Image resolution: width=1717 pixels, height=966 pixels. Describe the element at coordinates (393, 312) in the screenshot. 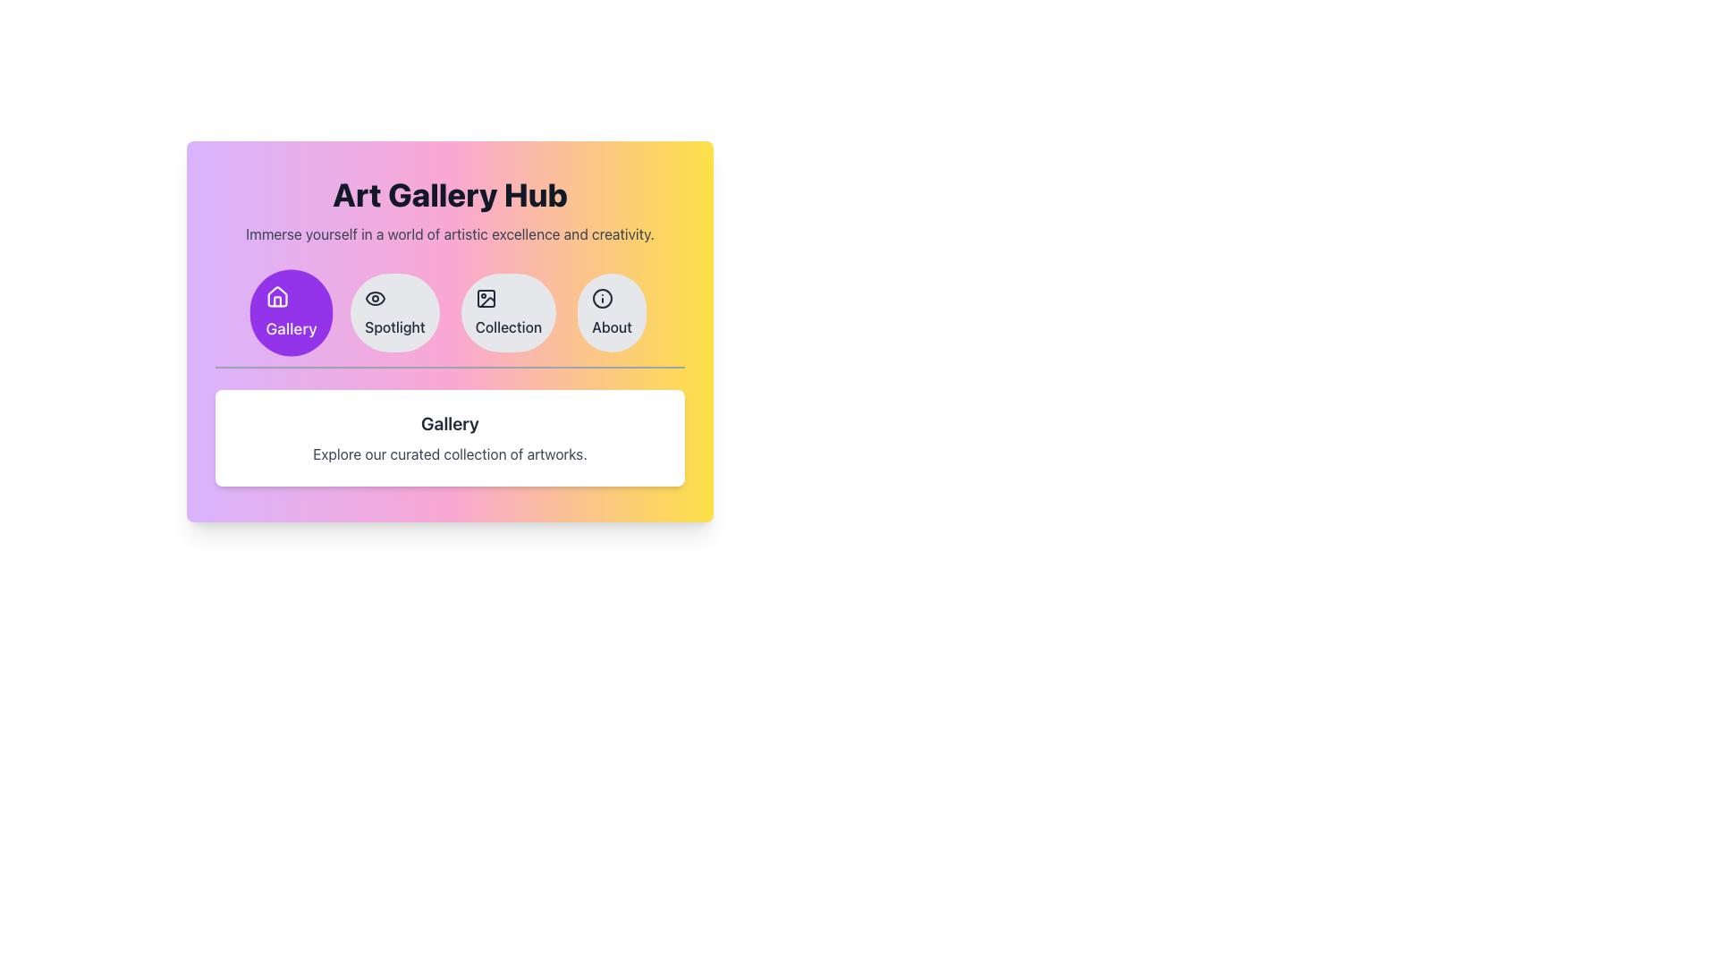

I see `the second circular button in the main navigation section` at that location.